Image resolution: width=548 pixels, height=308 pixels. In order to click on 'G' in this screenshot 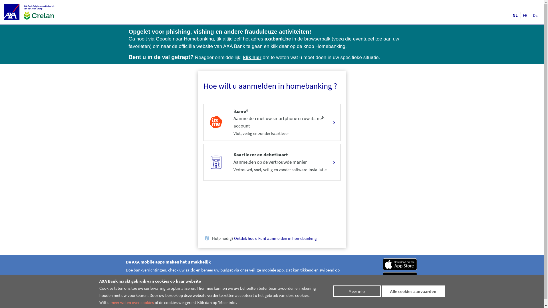, I will do `click(400, 277)`.